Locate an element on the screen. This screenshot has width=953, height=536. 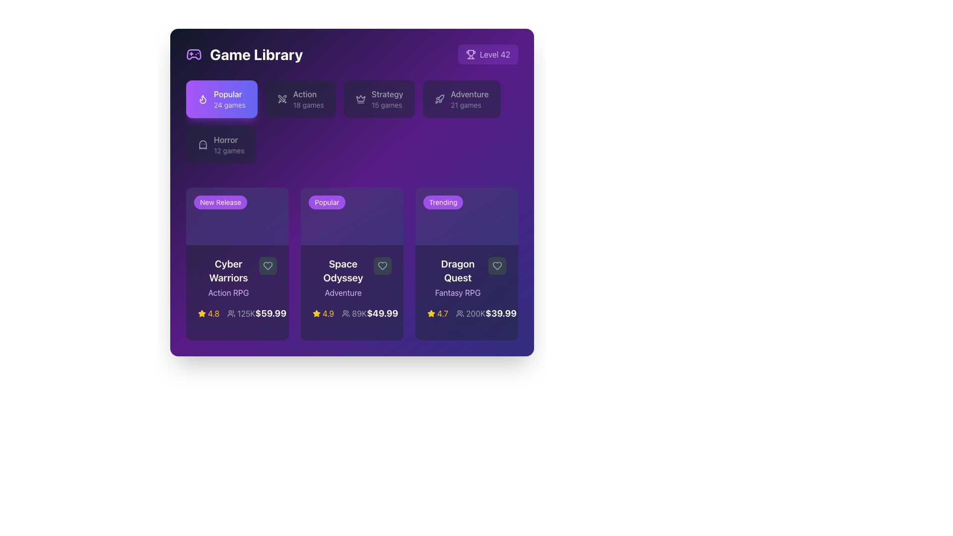
the text label displaying '24 games', which is located below the 'Popular' text in the game library interface is located at coordinates (229, 105).